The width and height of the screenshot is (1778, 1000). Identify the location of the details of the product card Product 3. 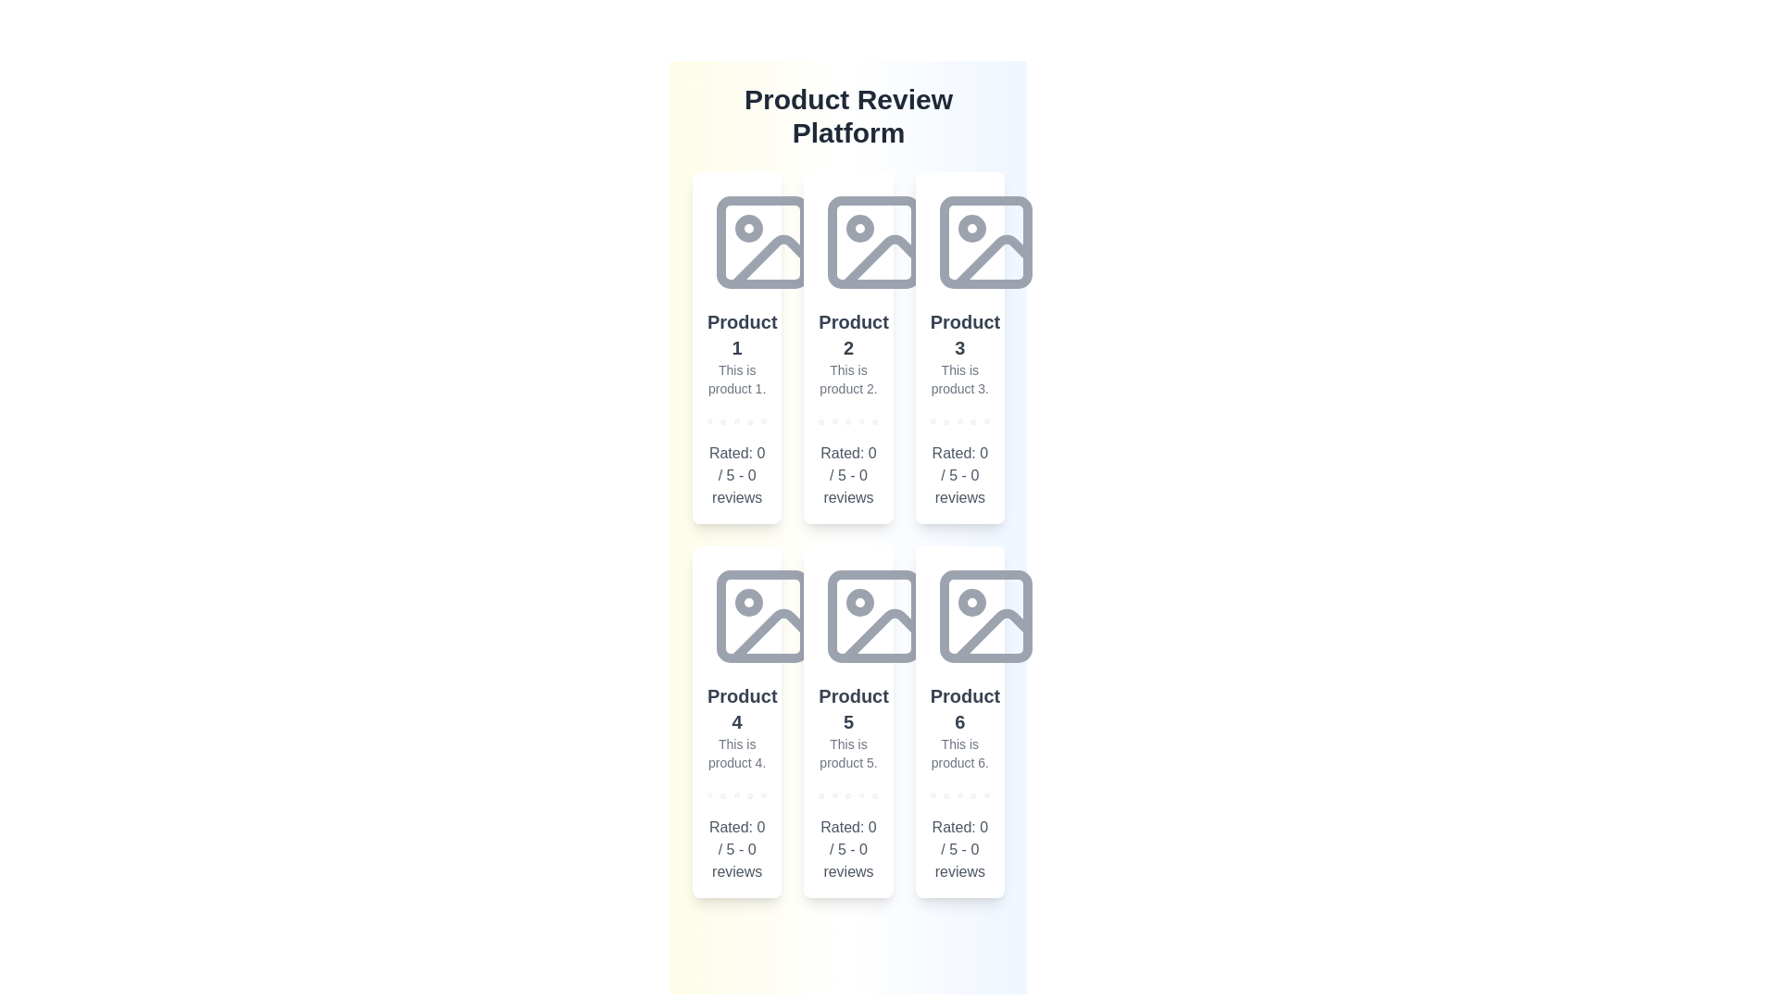
(959, 347).